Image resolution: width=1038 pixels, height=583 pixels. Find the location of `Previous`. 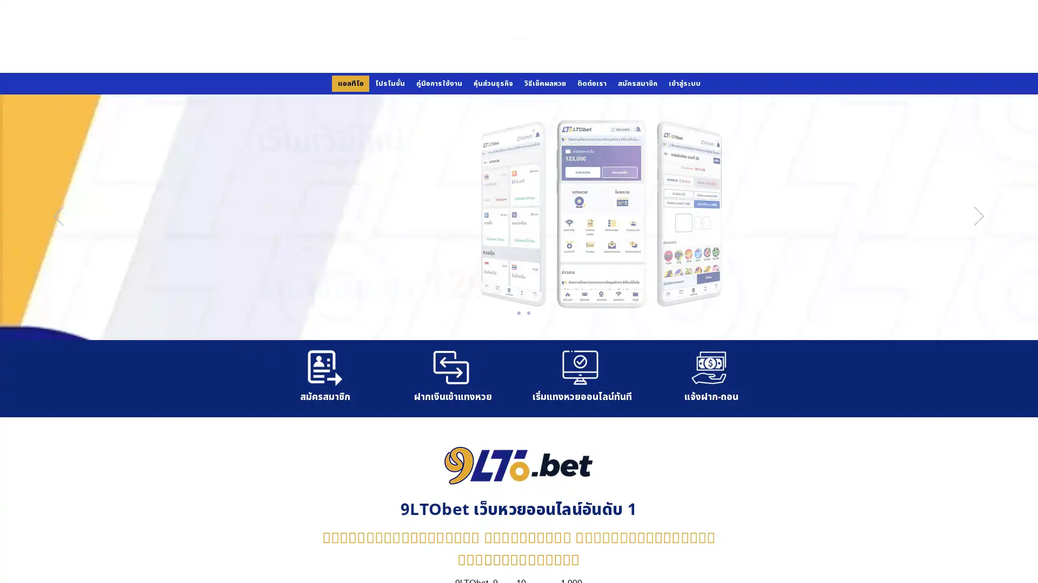

Previous is located at coordinates (58, 216).